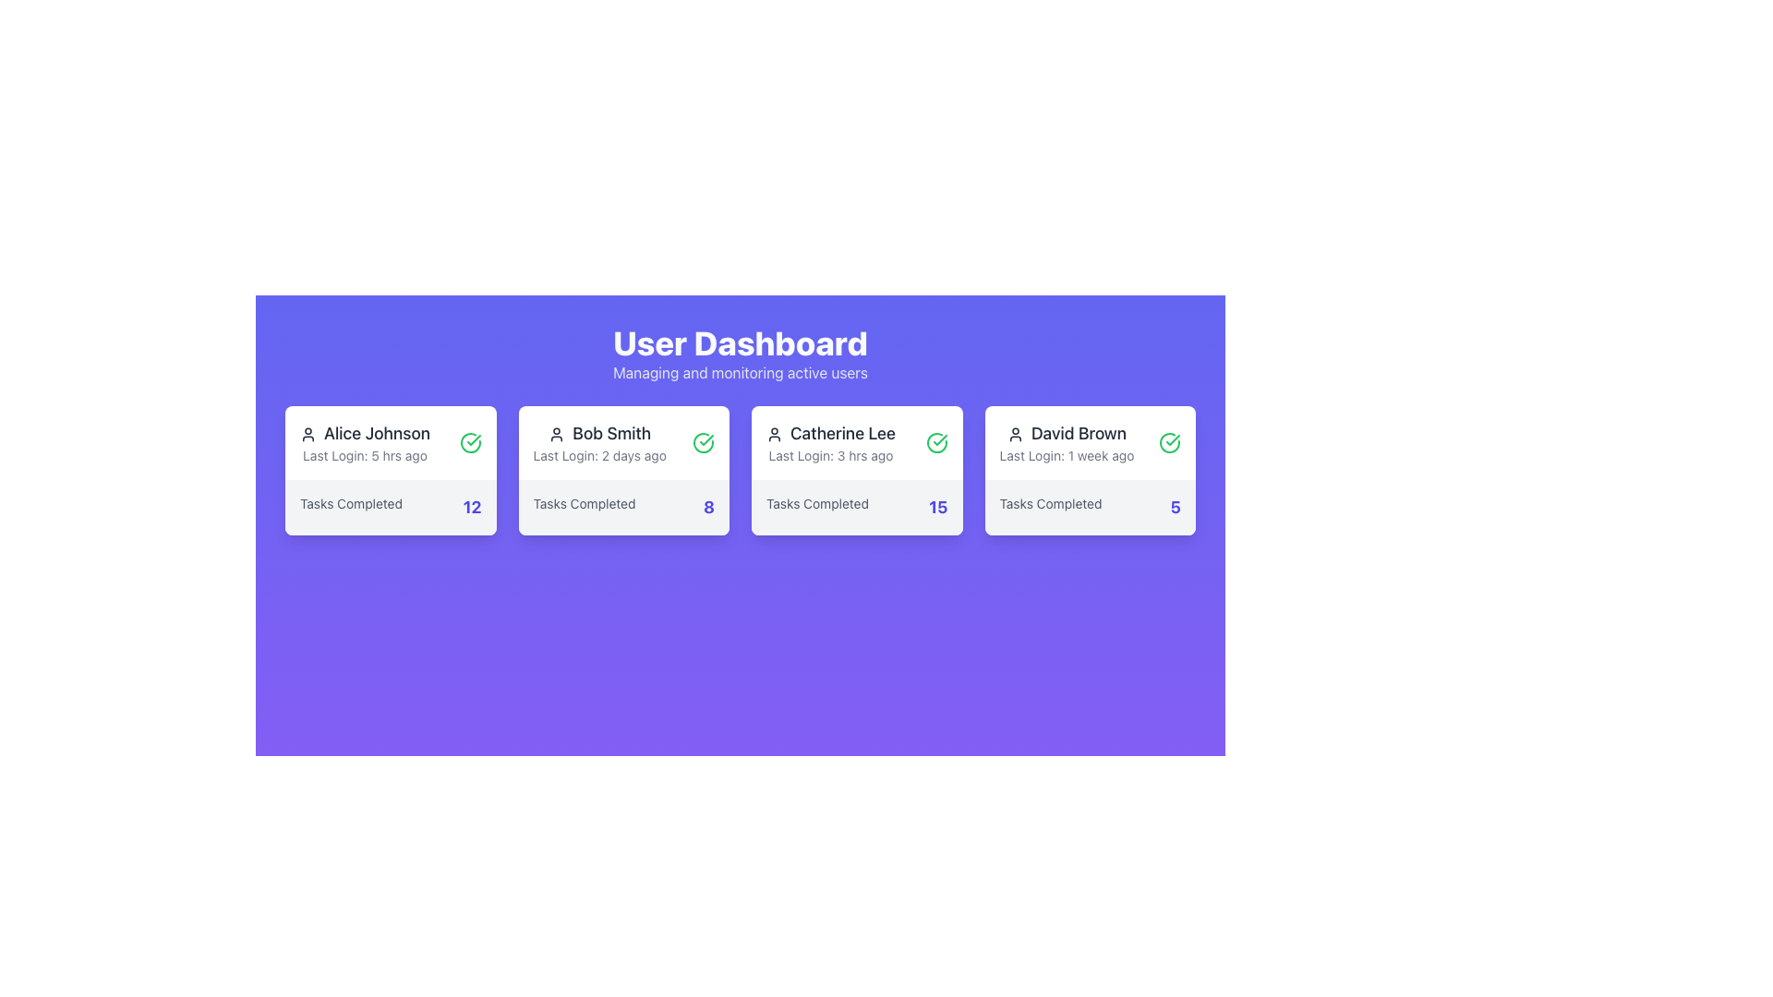 The image size is (1773, 997). I want to click on the user icon, which is a small silhouette outline of a person located to the left of 'Bob Smith' in the second card under the 'User Dashboard' title, so click(556, 435).